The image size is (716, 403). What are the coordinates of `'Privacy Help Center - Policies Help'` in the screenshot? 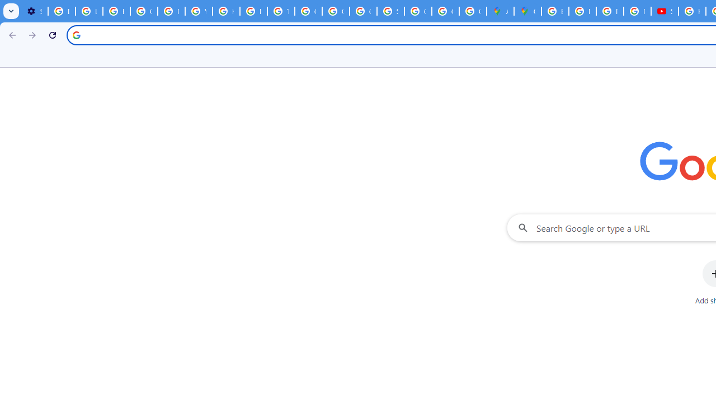 It's located at (253, 11).